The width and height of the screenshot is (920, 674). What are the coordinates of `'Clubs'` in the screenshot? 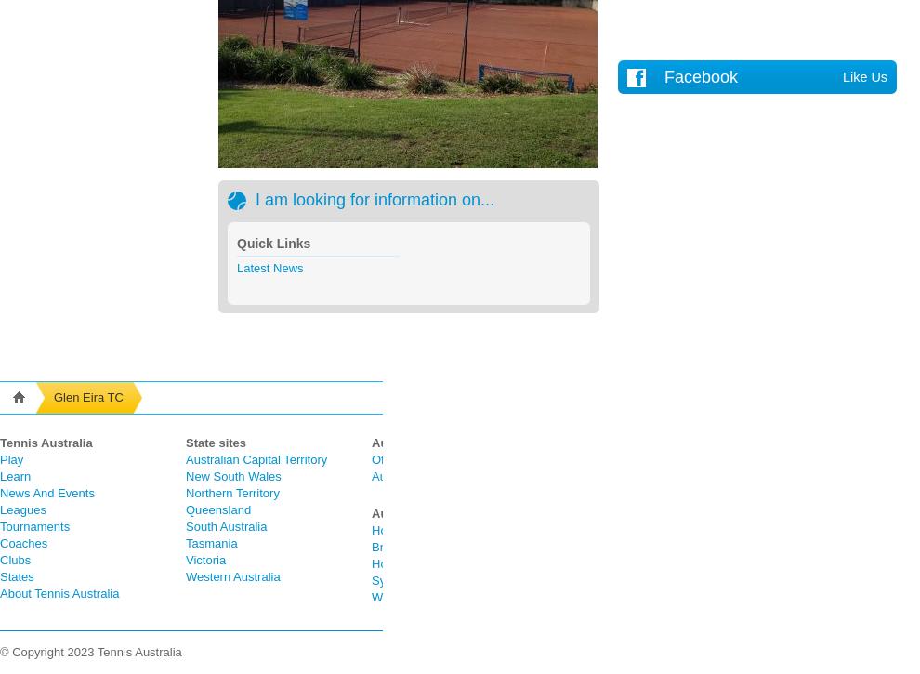 It's located at (14, 560).